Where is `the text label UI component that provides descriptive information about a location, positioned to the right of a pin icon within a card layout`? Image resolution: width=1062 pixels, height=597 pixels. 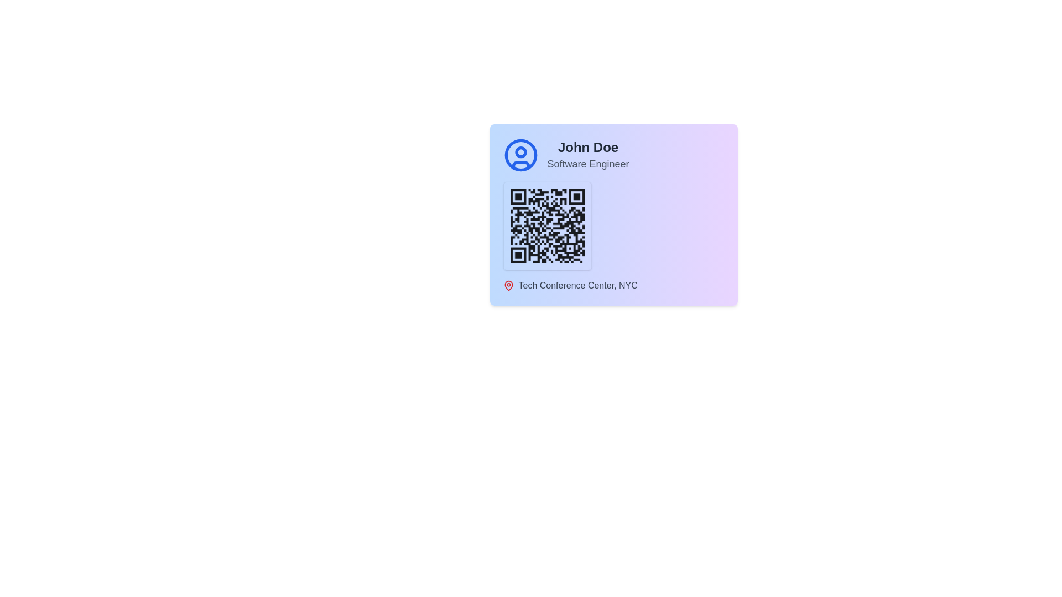
the text label UI component that provides descriptive information about a location, positioned to the right of a pin icon within a card layout is located at coordinates (577, 285).